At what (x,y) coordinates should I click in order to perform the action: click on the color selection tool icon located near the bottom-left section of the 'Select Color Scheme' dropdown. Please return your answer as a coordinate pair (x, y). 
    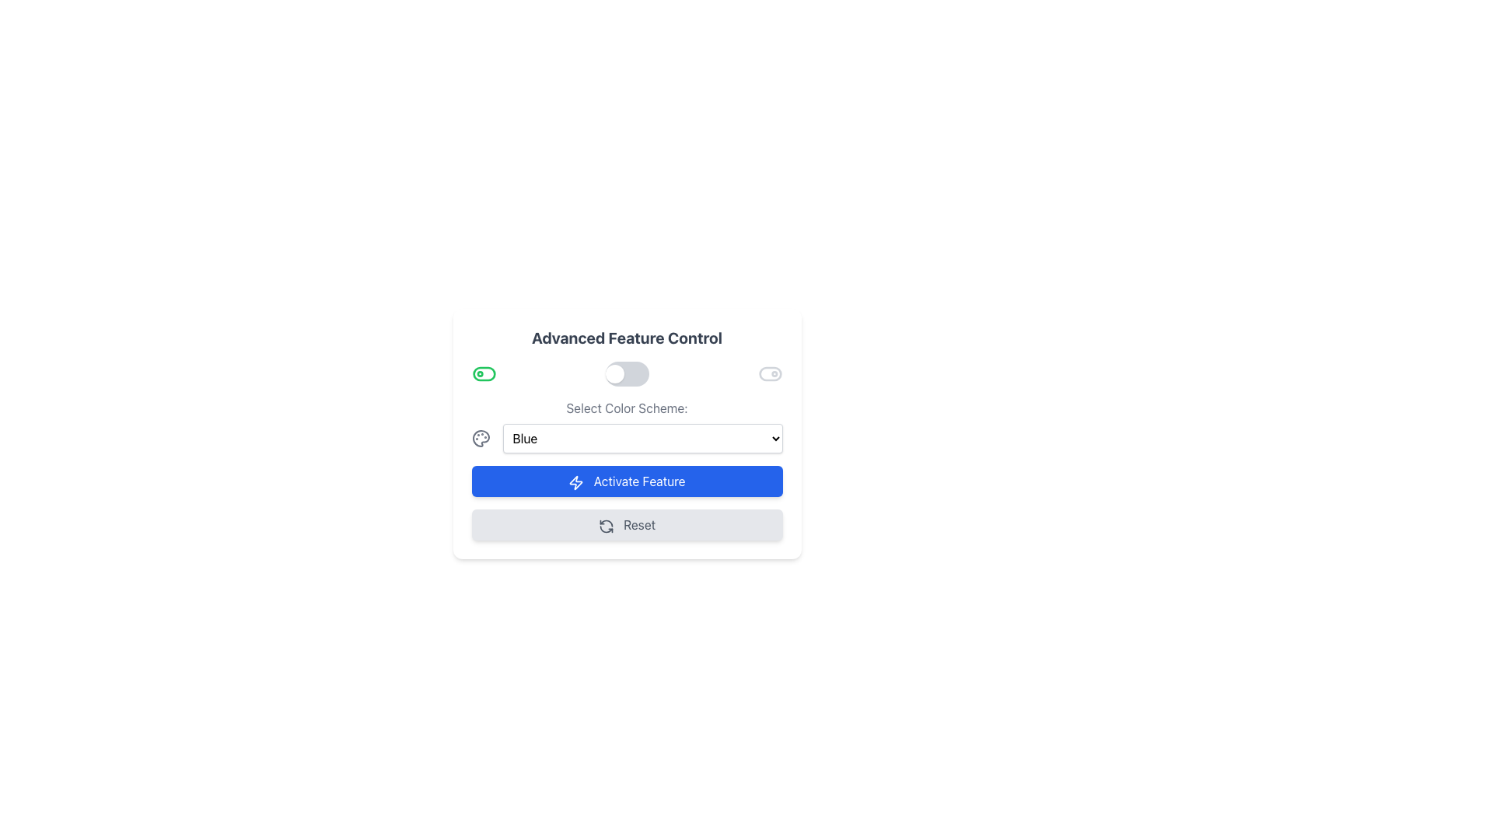
    Looking at the image, I should click on (480, 438).